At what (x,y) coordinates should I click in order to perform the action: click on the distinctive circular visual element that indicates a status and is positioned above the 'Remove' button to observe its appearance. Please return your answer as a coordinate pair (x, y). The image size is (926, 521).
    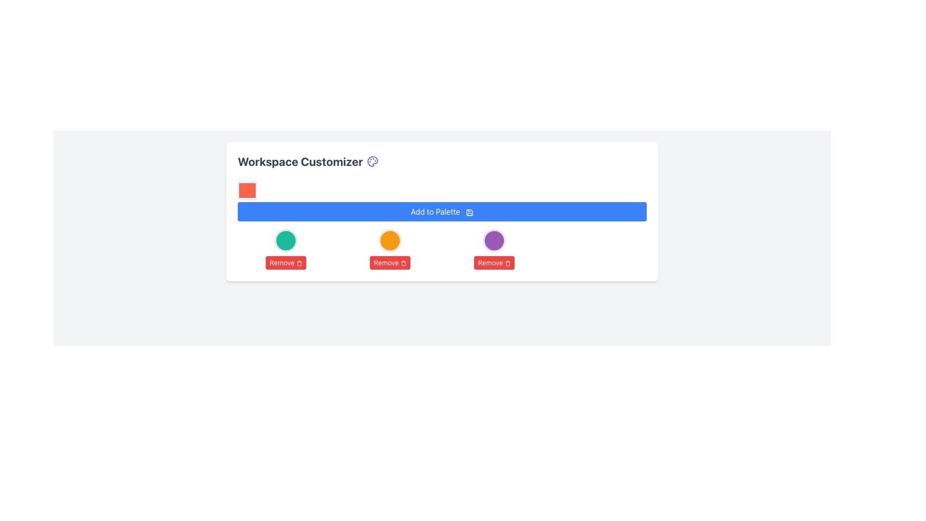
    Looking at the image, I should click on (286, 240).